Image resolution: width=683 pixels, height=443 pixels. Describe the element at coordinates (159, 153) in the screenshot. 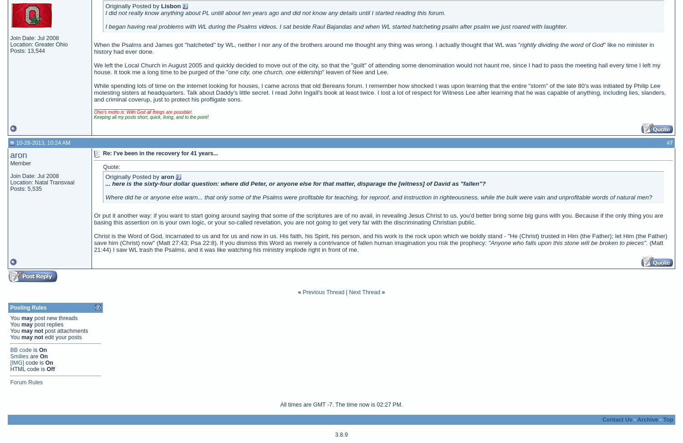

I see `'Re: I've been in the recovery for 41 years...'` at that location.